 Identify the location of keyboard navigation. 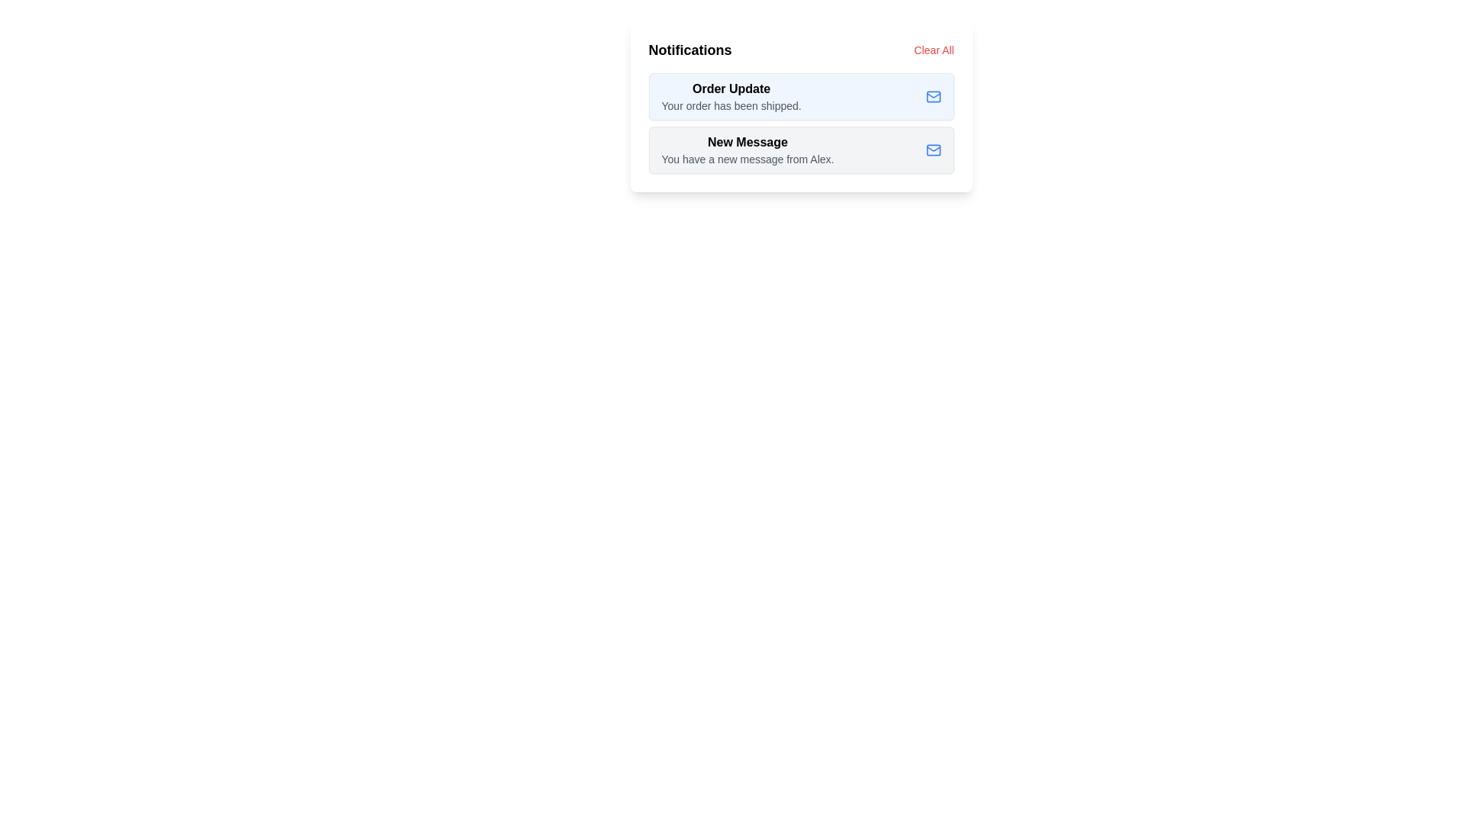
(933, 49).